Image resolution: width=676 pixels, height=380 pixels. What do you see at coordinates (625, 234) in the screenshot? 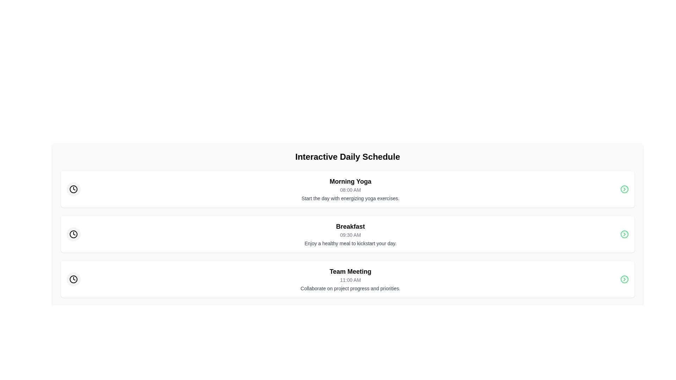
I see `the decorative circular graphic element within the icon set on the right side of the 'Breakfast' list item in the schedule interface` at bounding box center [625, 234].